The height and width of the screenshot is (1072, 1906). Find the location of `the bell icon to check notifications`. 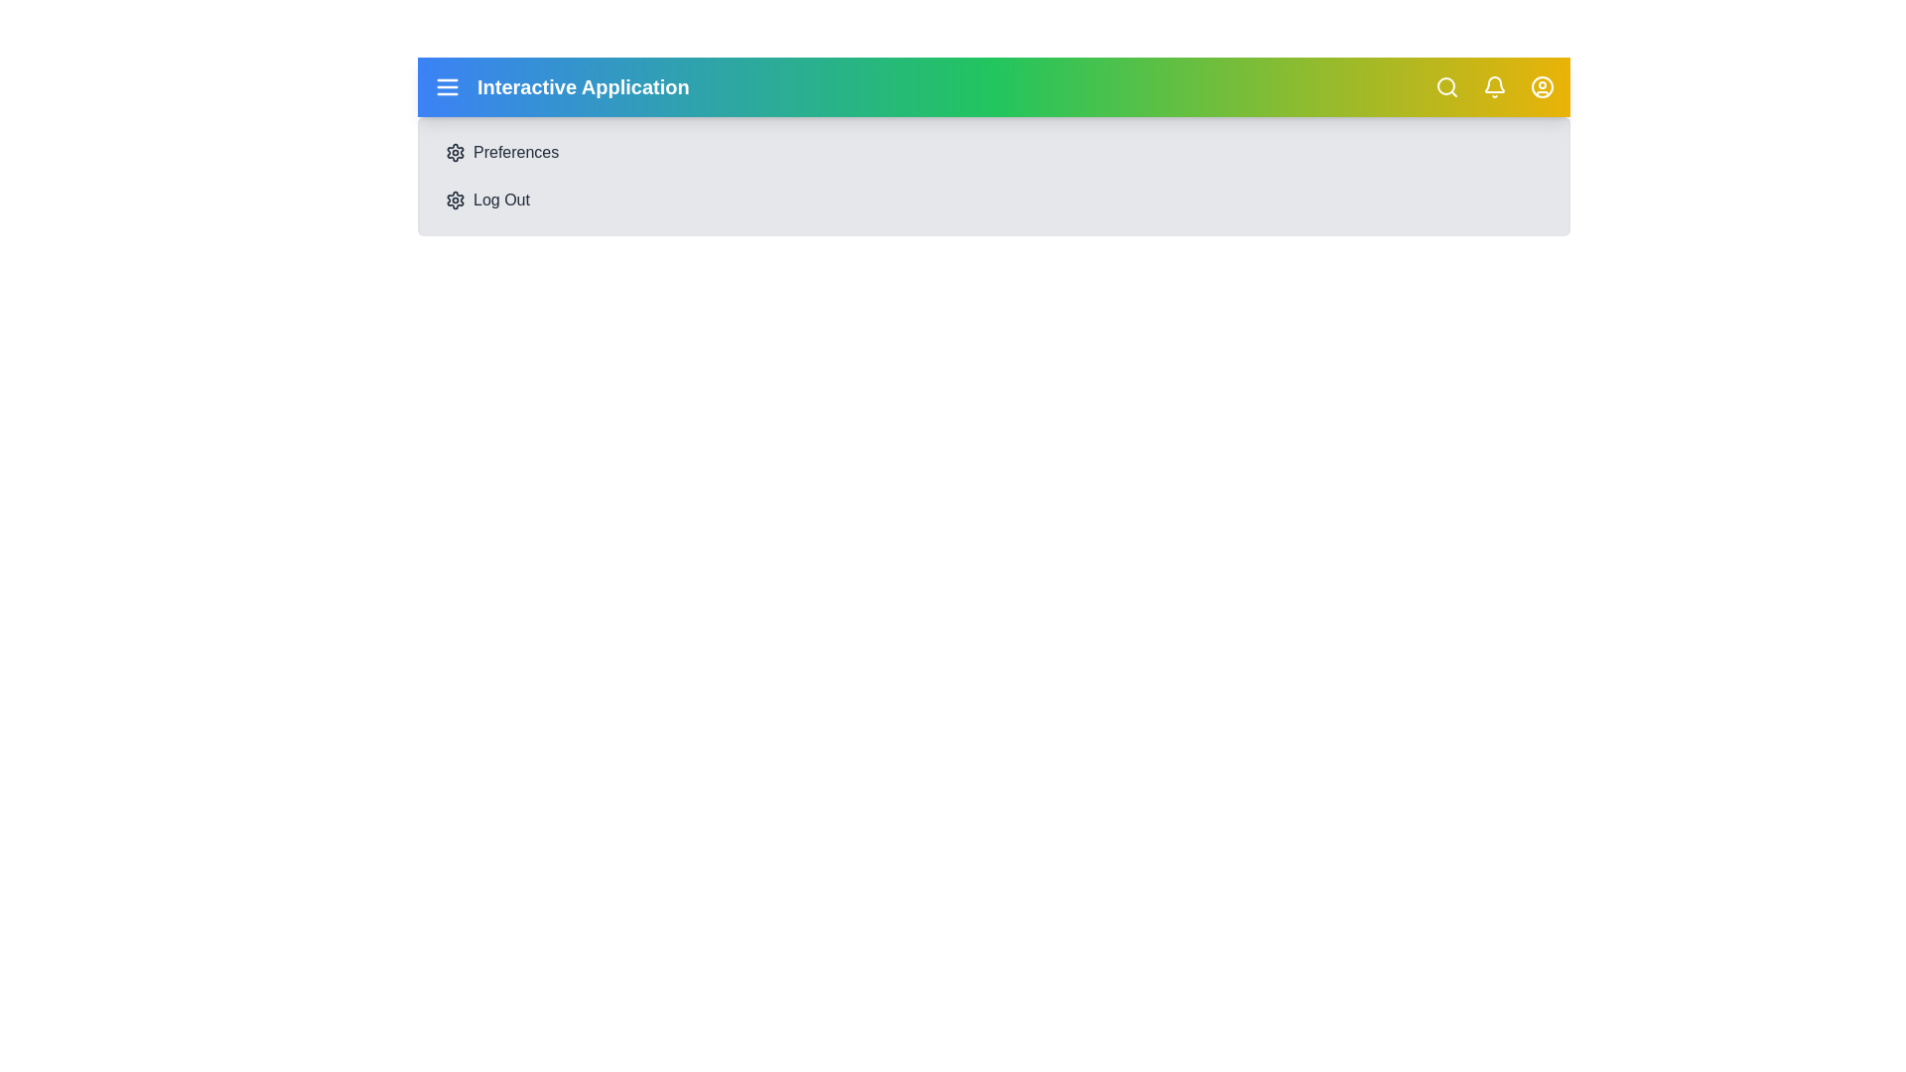

the bell icon to check notifications is located at coordinates (1495, 86).